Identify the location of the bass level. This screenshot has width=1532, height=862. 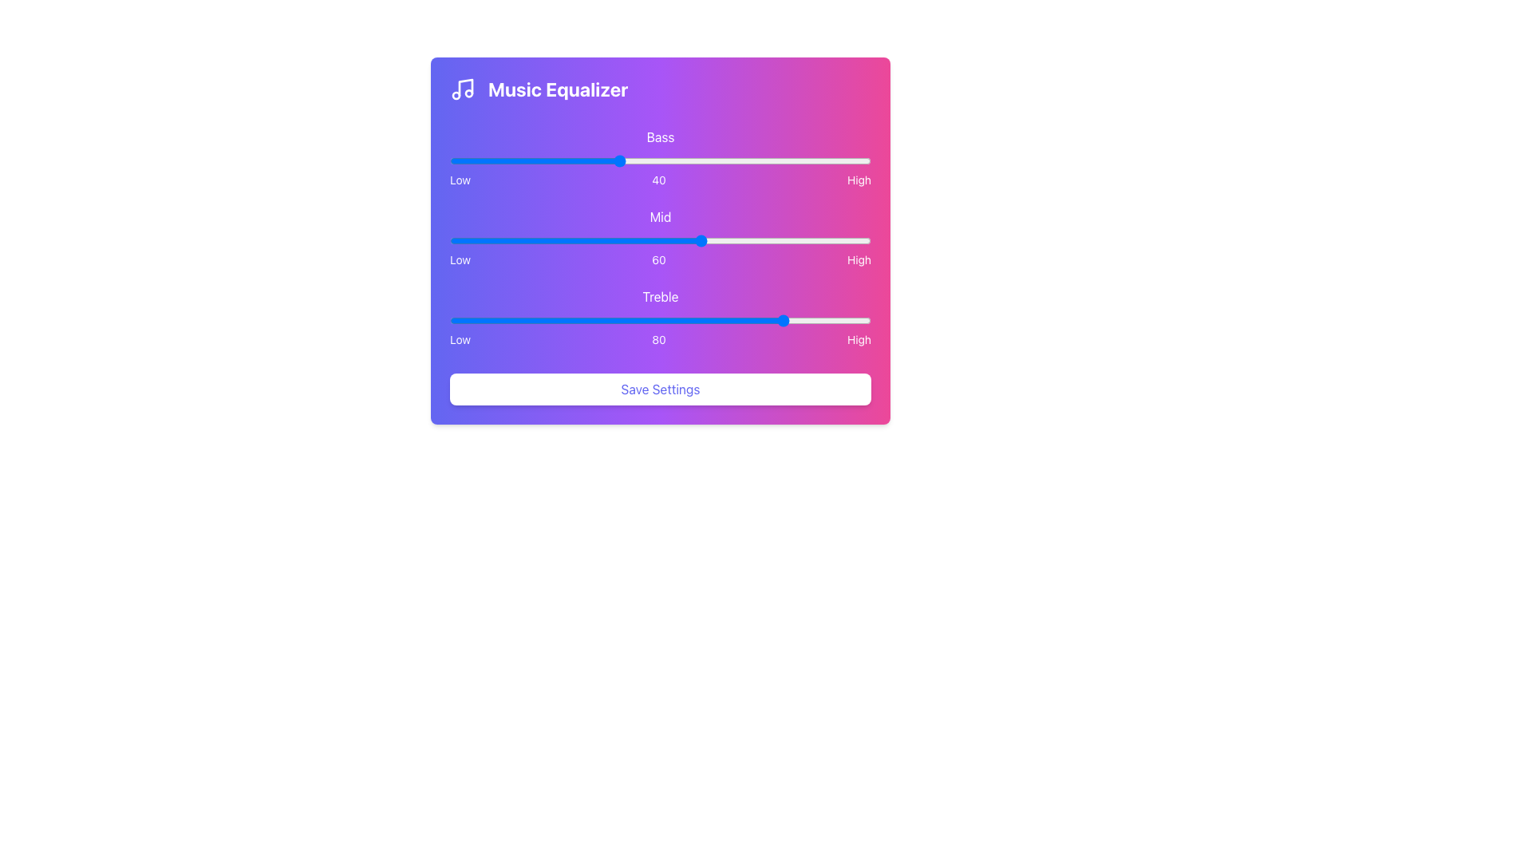
(820, 160).